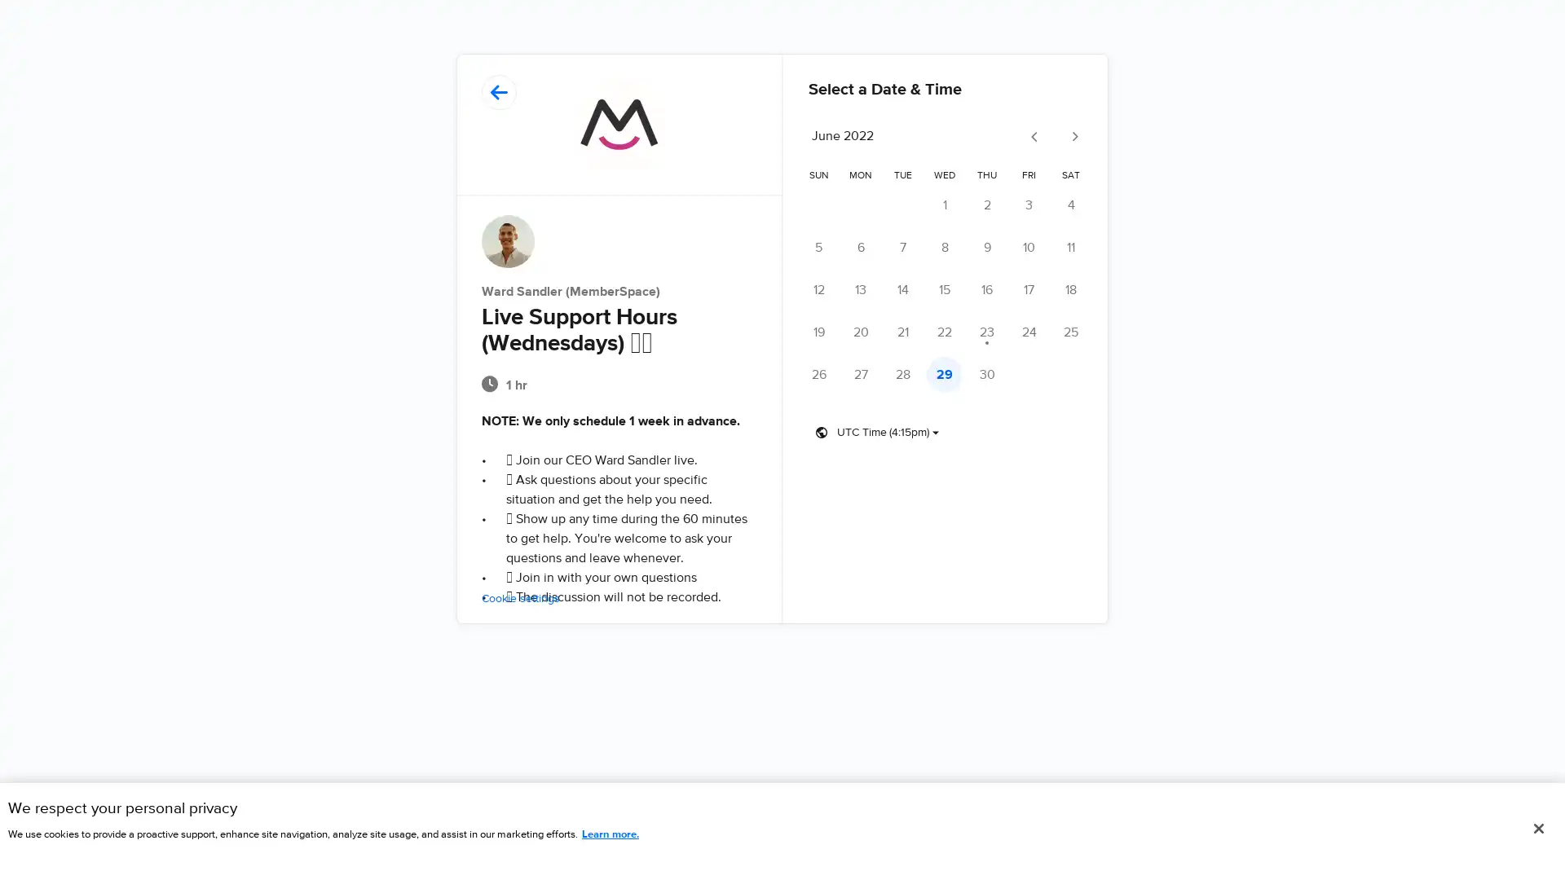 The width and height of the screenshot is (1565, 880). I want to click on Sunday, June 26 - No times available, so click(818, 374).